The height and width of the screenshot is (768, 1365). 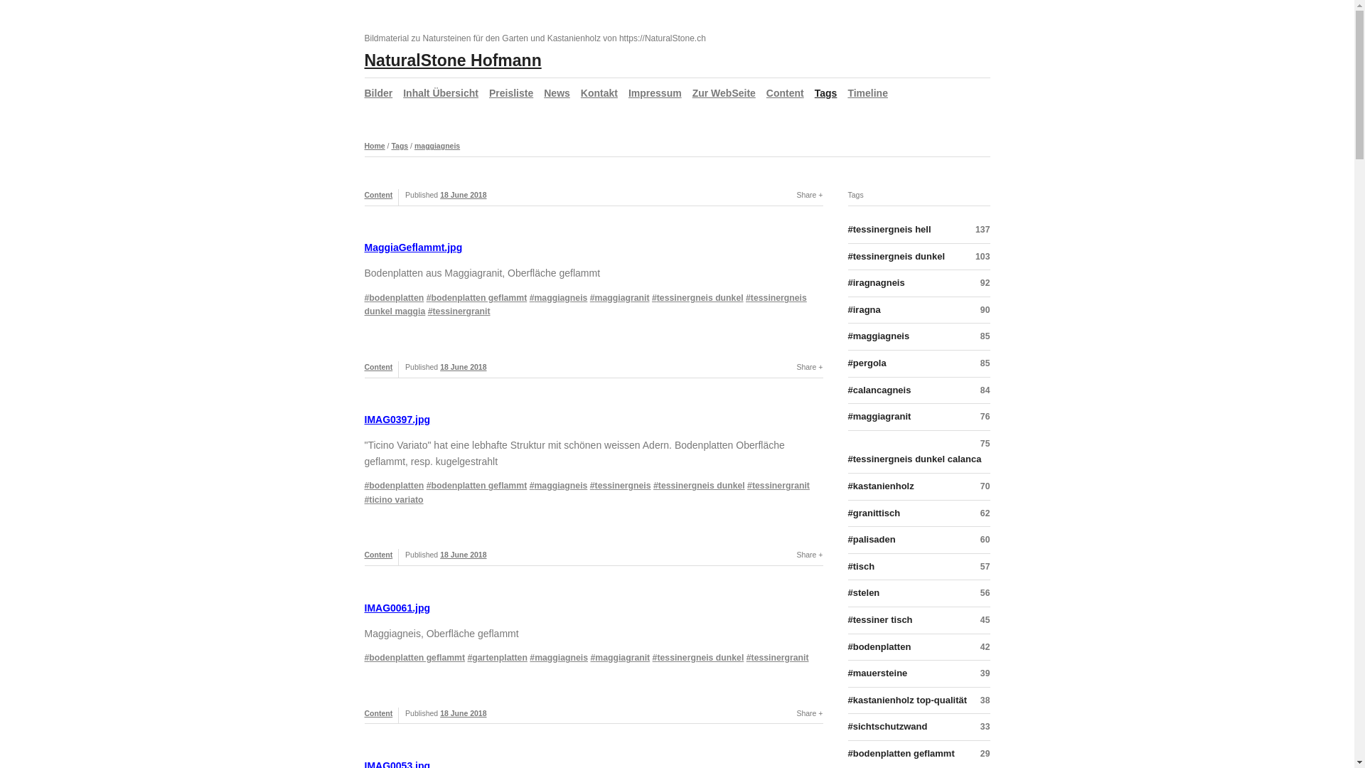 I want to click on 'Impressum', so click(x=654, y=93).